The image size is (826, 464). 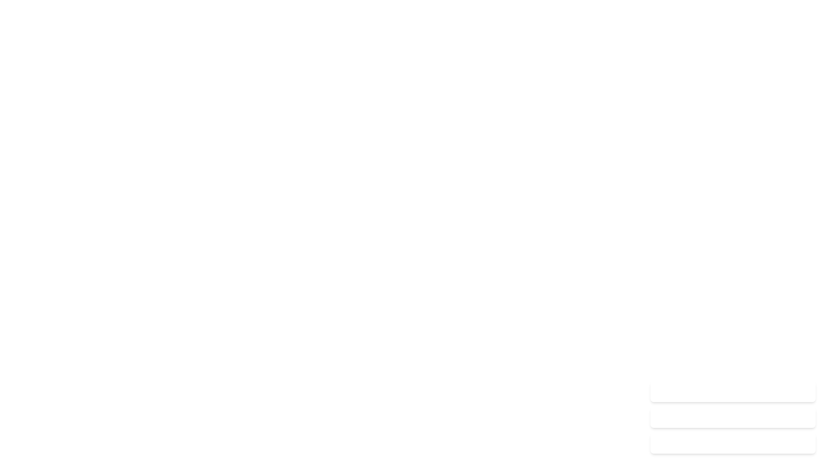 What do you see at coordinates (805, 443) in the screenshot?
I see `the circular SVG element located in the lower-right corner of the interface` at bounding box center [805, 443].